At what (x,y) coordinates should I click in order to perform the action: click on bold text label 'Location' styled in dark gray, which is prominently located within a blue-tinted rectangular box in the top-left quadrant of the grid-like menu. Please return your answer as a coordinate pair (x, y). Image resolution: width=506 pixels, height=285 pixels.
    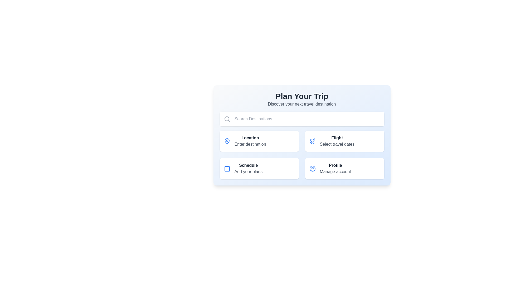
    Looking at the image, I should click on (250, 138).